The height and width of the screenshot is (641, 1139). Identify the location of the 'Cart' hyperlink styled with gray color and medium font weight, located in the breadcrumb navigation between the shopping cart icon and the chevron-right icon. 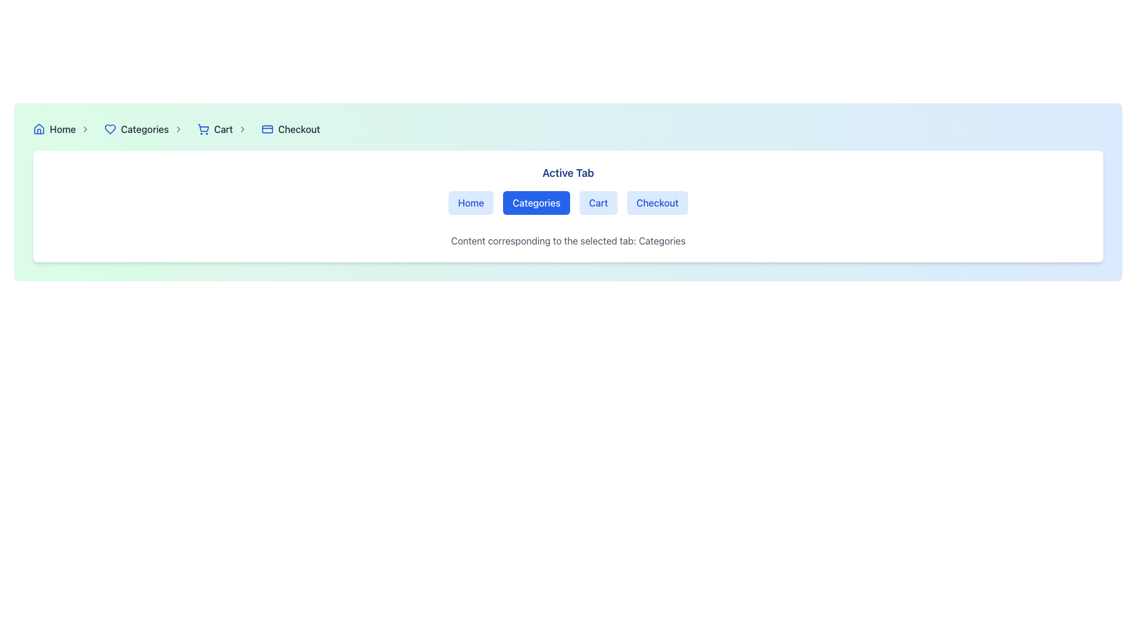
(223, 129).